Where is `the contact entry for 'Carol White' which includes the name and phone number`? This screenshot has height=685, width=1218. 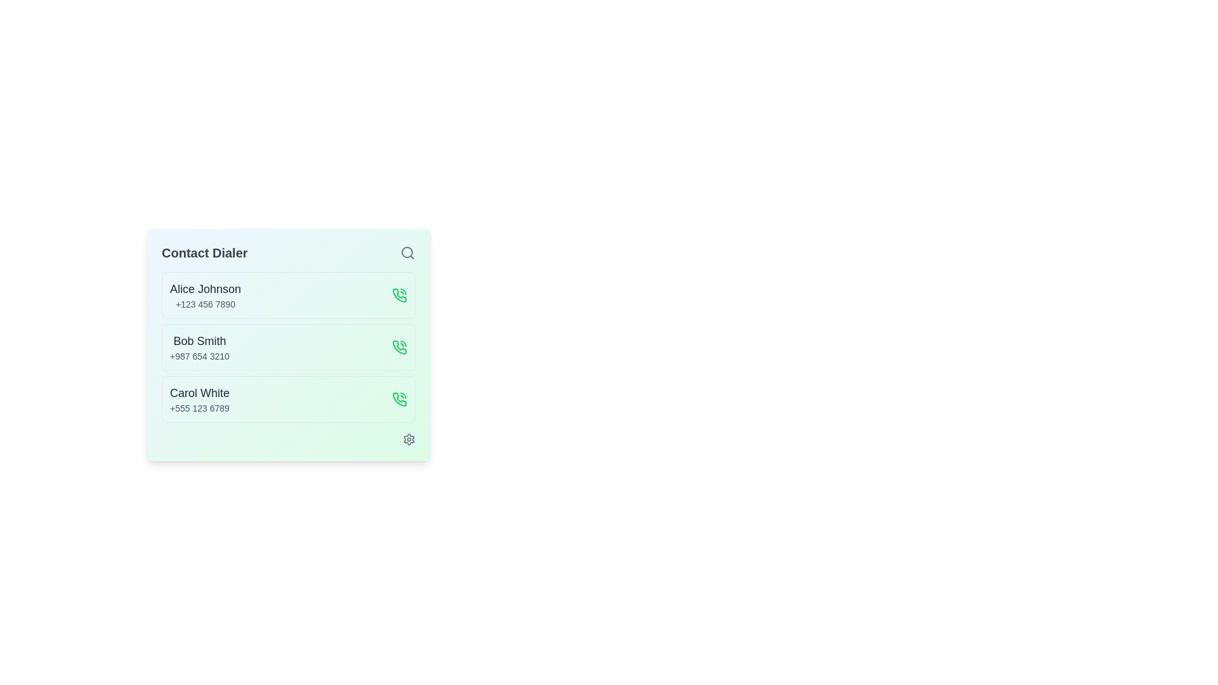
the contact entry for 'Carol White' which includes the name and phone number is located at coordinates (288, 398).